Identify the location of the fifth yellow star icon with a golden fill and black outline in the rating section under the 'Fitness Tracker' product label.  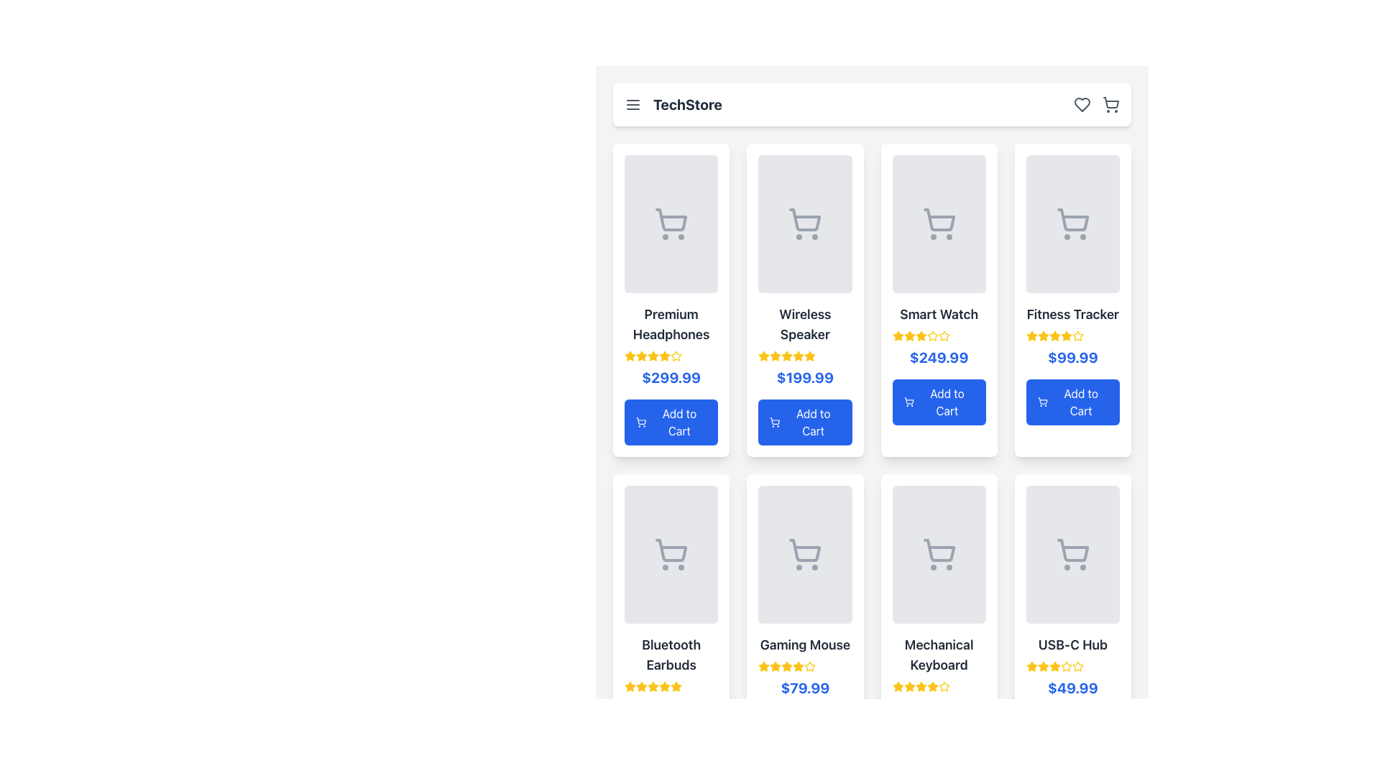
(1066, 336).